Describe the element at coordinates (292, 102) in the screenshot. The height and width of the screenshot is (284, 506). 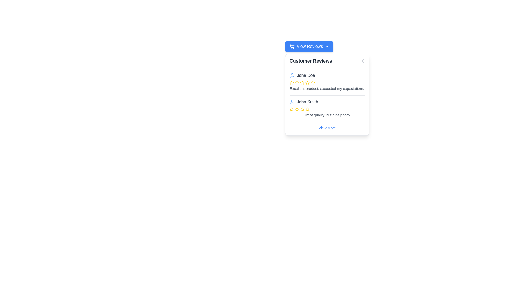
I see `the user silhouette icon displayed in blue, located to the immediate left of the text 'John Smith' in the 'Customer Reviews' section` at that location.